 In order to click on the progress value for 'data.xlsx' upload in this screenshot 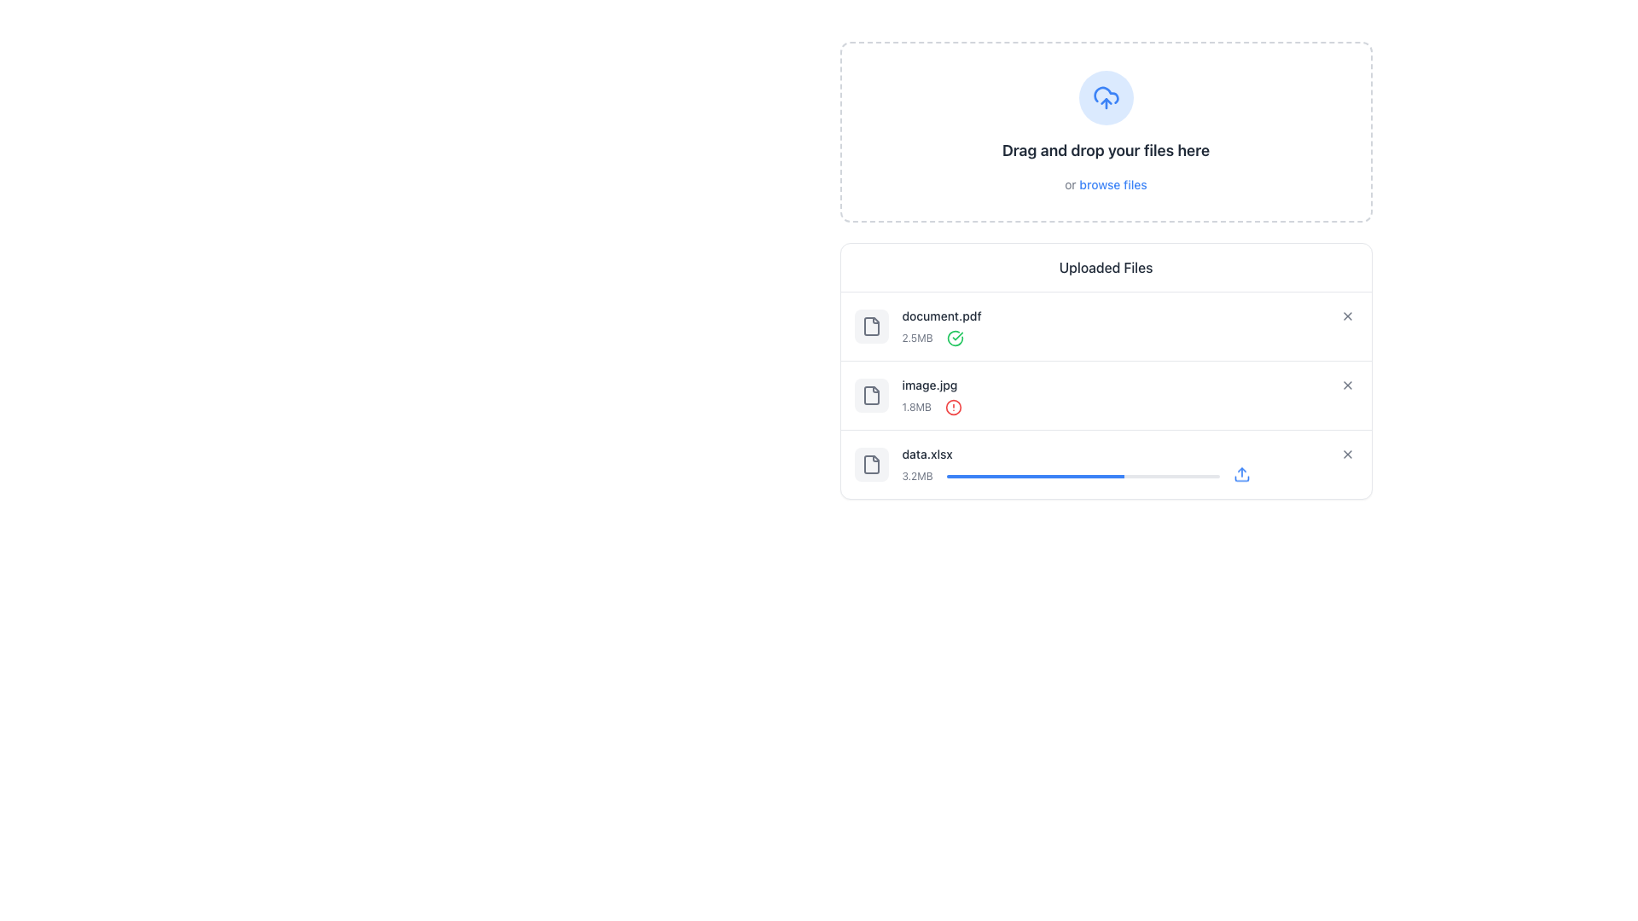, I will do `click(1077, 477)`.